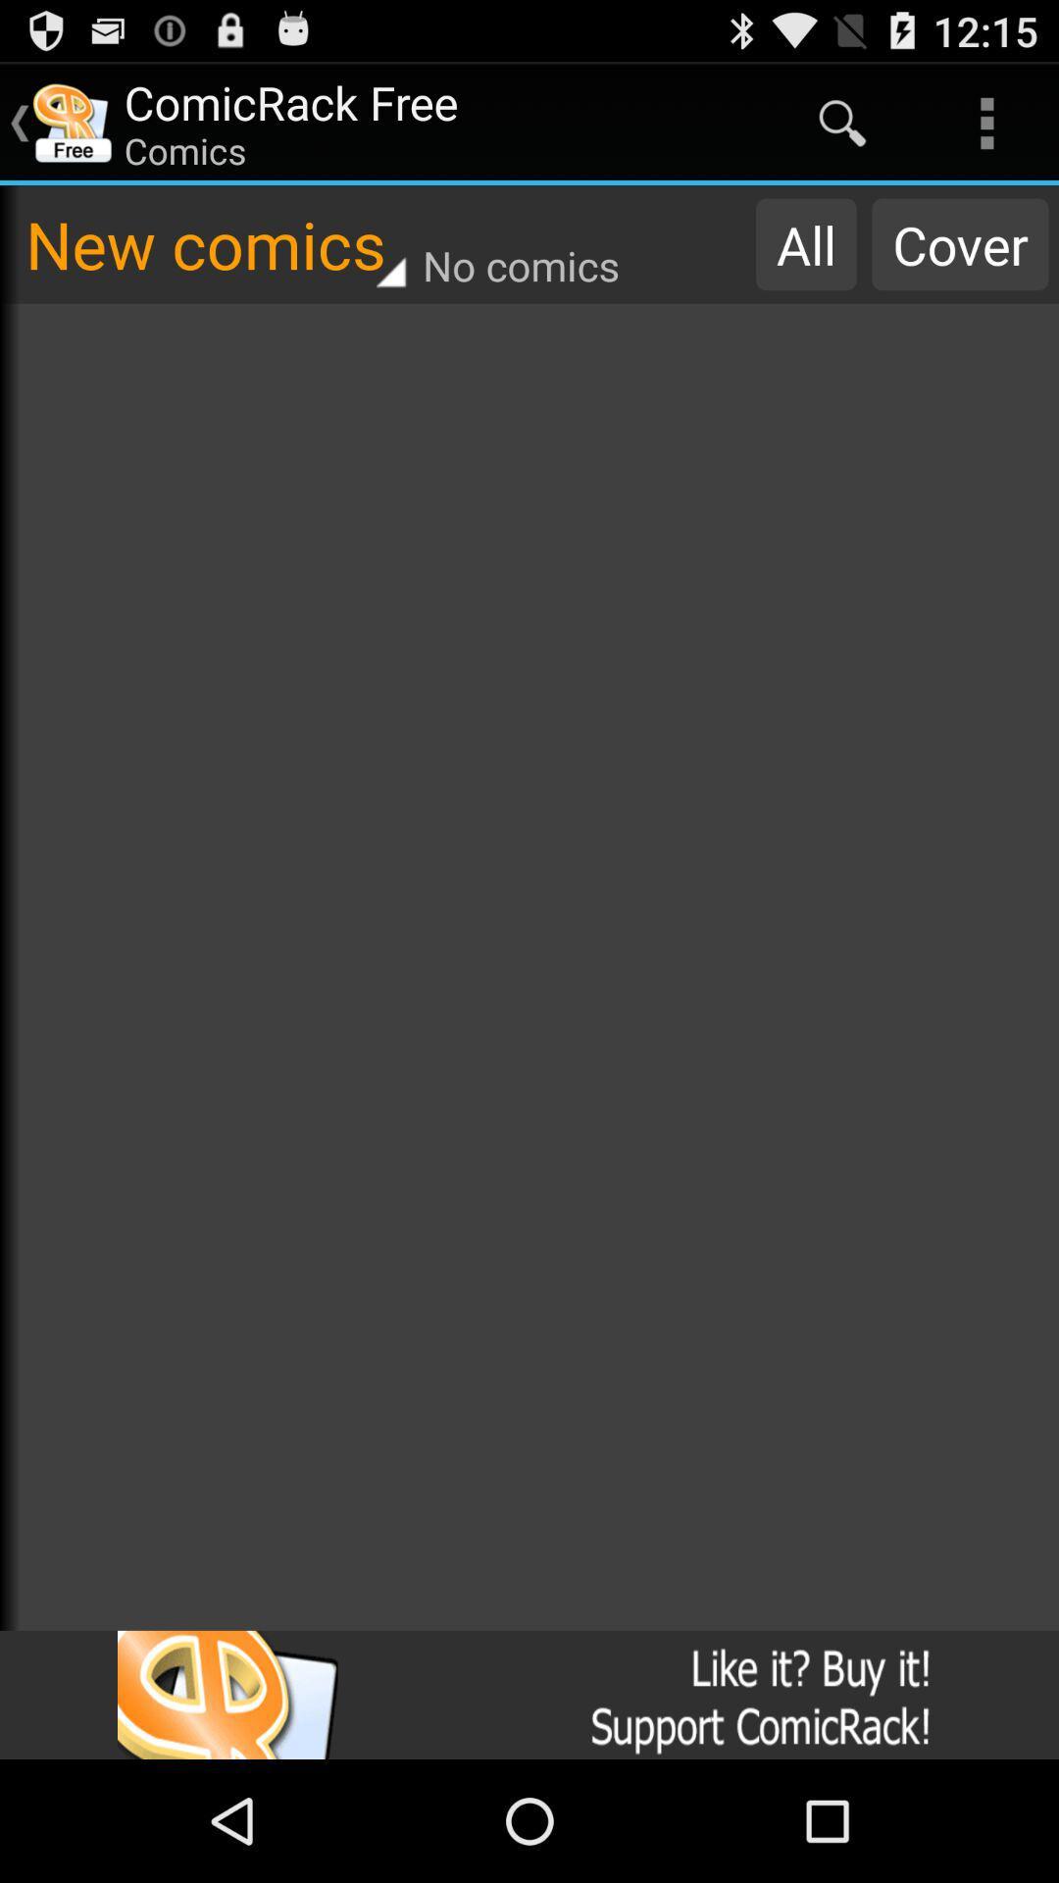 This screenshot has height=1883, width=1059. Describe the element at coordinates (806, 243) in the screenshot. I see `the icon next to cover app` at that location.